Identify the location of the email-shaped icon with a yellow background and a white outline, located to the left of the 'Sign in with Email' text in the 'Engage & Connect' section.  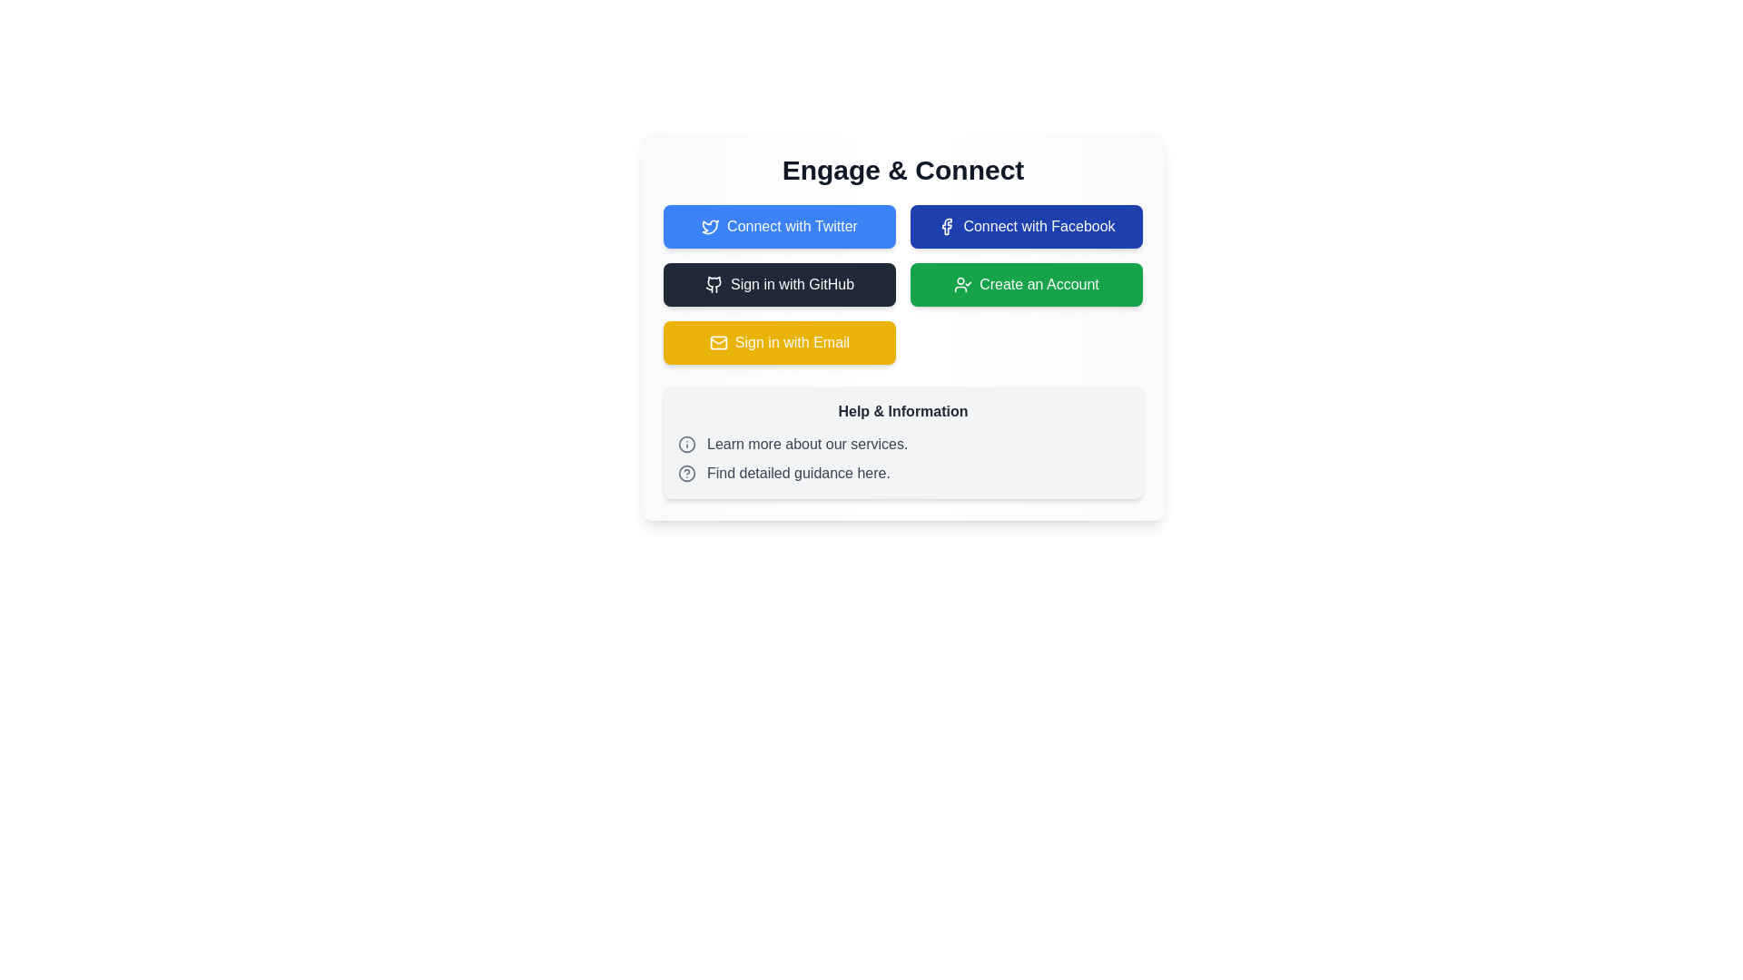
(717, 343).